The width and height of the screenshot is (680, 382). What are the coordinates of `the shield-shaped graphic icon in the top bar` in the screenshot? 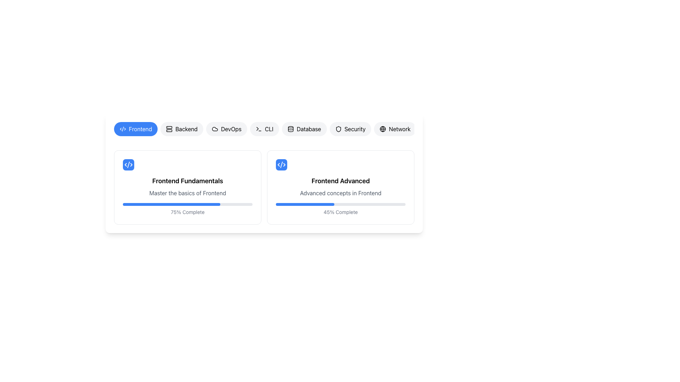 It's located at (338, 129).